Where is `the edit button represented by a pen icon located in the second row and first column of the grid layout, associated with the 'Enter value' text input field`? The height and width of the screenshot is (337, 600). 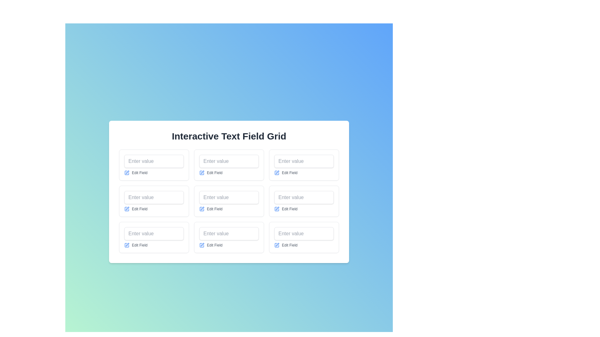
the edit button represented by a pen icon located in the second row and first column of the grid layout, associated with the 'Enter value' text input field is located at coordinates (127, 208).